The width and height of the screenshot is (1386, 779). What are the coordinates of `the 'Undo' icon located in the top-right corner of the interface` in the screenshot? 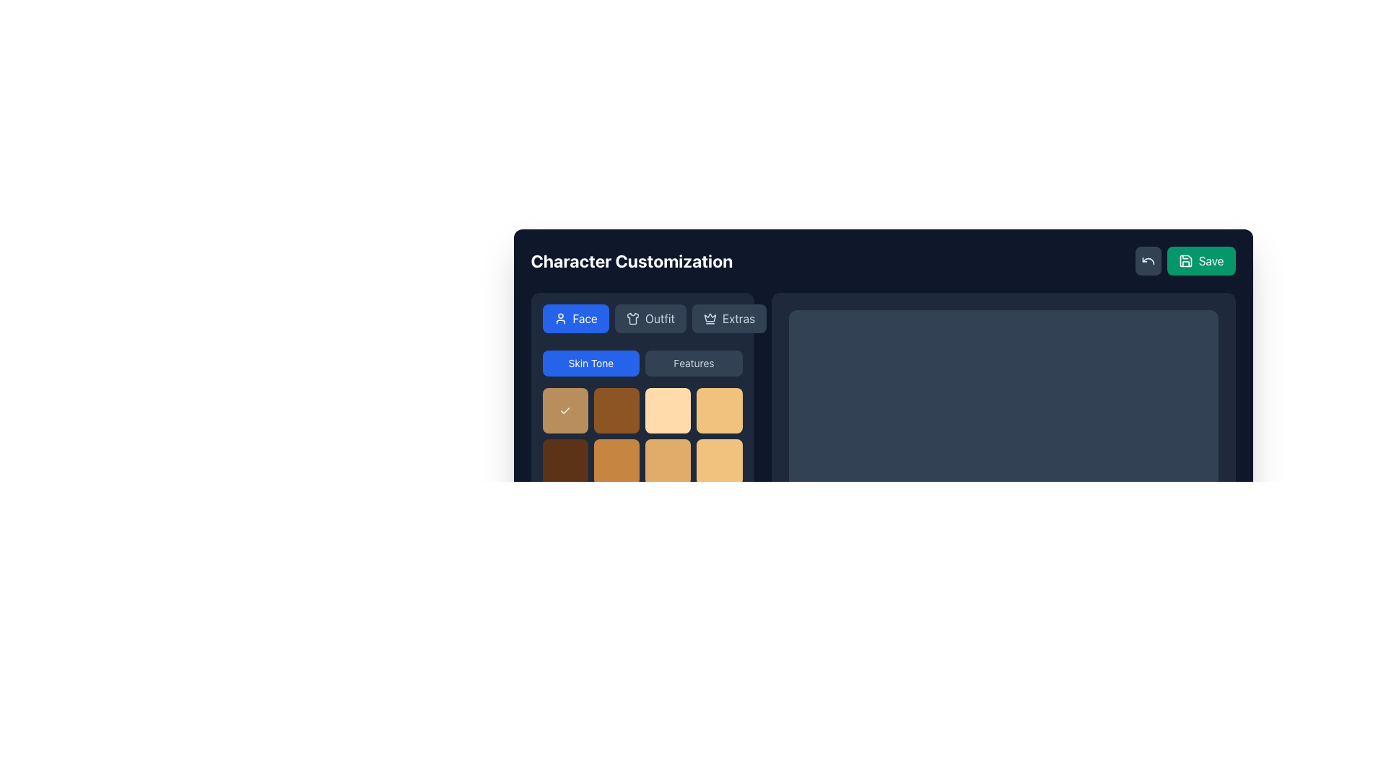 It's located at (1147, 261).